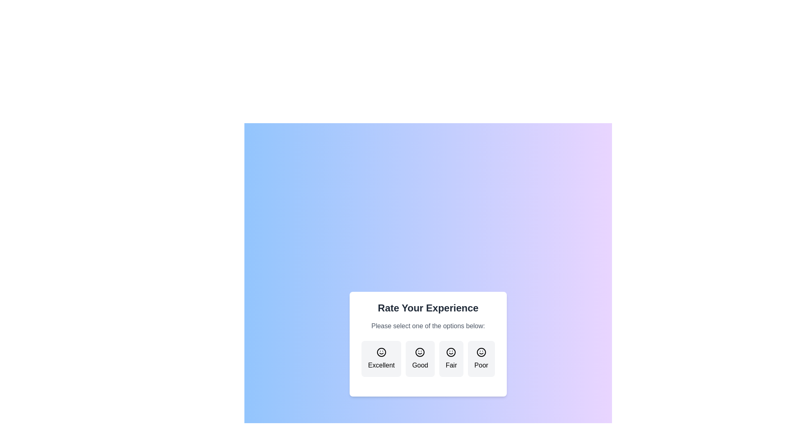 Image resolution: width=786 pixels, height=442 pixels. I want to click on the 'Good' rating button, so click(428, 344).